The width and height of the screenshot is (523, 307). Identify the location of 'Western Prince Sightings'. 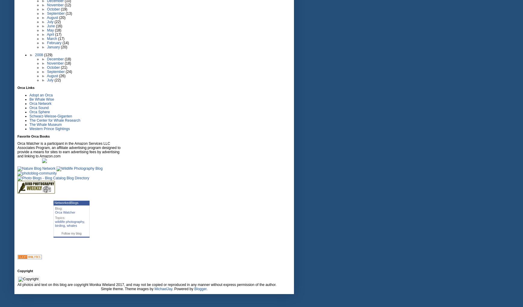
(29, 129).